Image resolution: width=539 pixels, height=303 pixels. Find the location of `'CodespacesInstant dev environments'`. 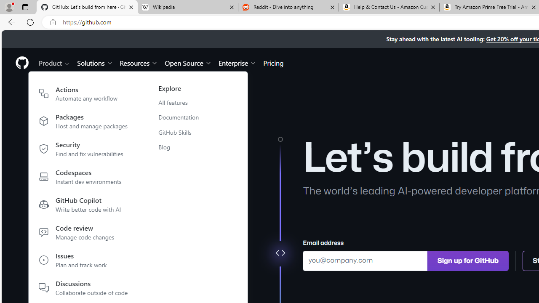

'CodespacesInstant dev environments' is located at coordinates (83, 178).